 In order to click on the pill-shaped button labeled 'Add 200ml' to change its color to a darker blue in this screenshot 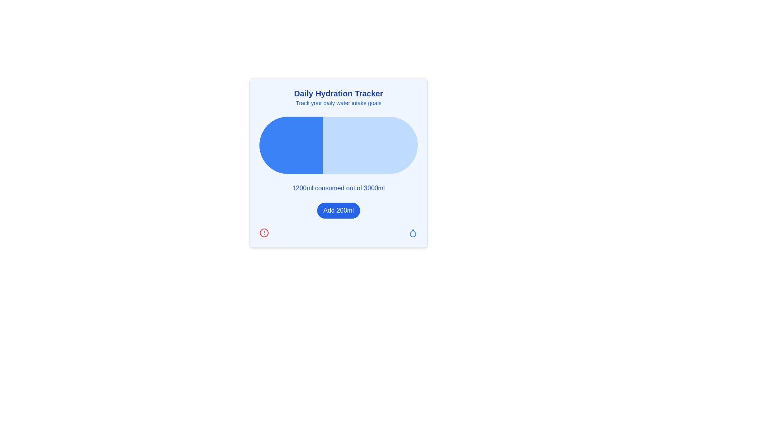, I will do `click(338, 210)`.